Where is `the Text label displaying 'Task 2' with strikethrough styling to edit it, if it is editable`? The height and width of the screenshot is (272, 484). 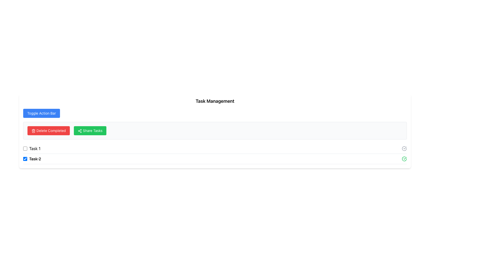 the Text label displaying 'Task 2' with strikethrough styling to edit it, if it is editable is located at coordinates (35, 159).